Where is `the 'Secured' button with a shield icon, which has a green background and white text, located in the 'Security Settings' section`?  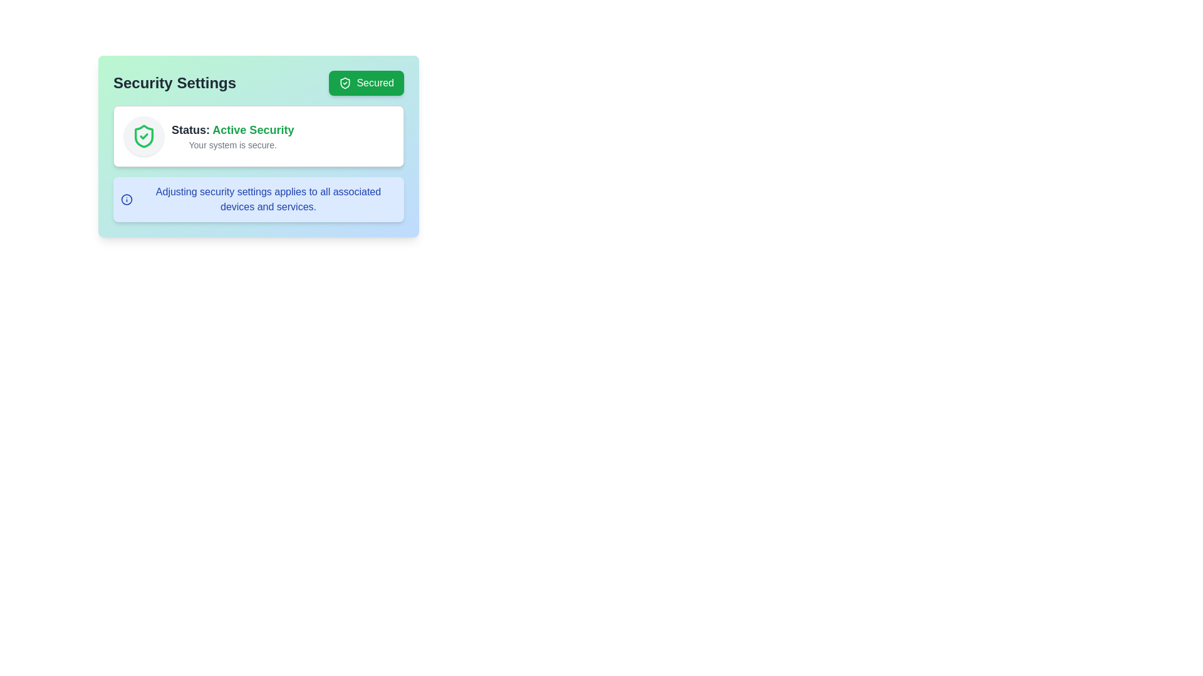
the 'Secured' button with a shield icon, which has a green background and white text, located in the 'Security Settings' section is located at coordinates (366, 83).